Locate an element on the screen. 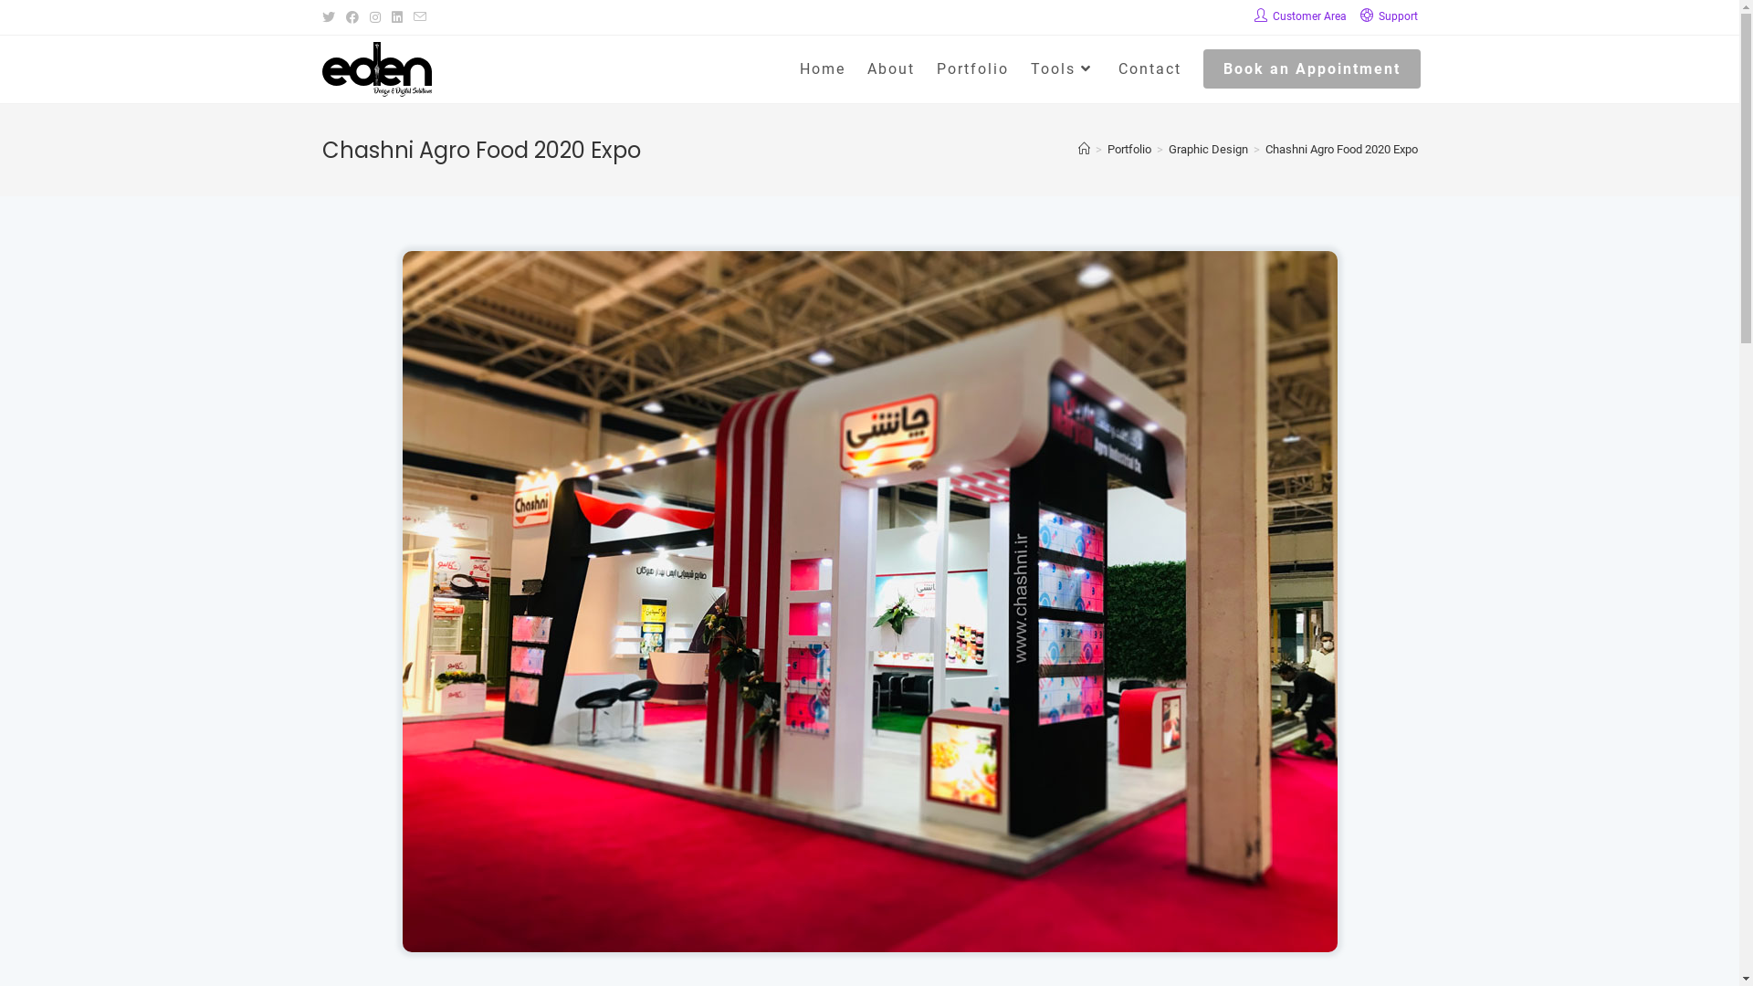  'Google Ads' is located at coordinates (1006, 838).